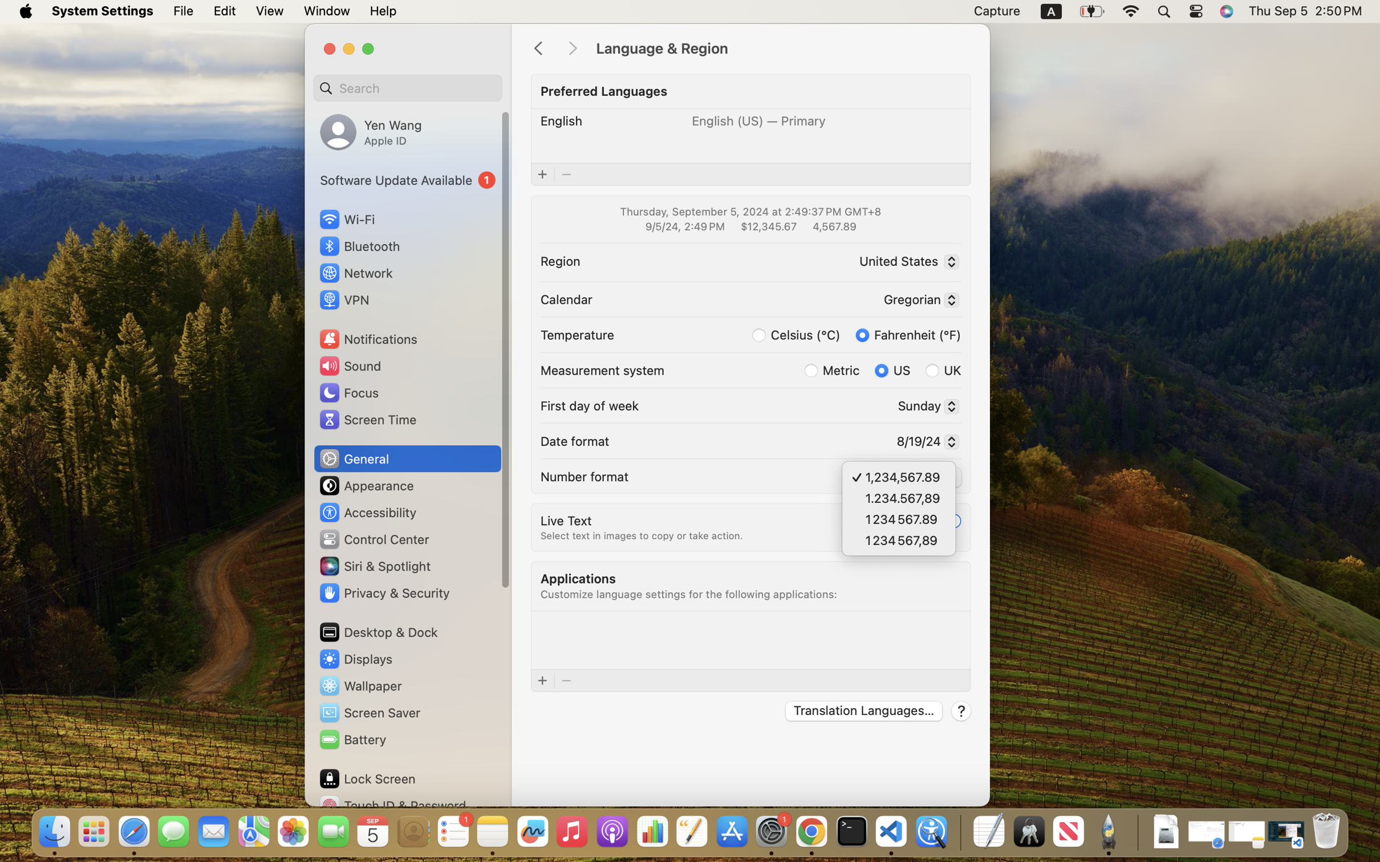 This screenshot has width=1380, height=862. I want to click on 'Temperature', so click(577, 334).